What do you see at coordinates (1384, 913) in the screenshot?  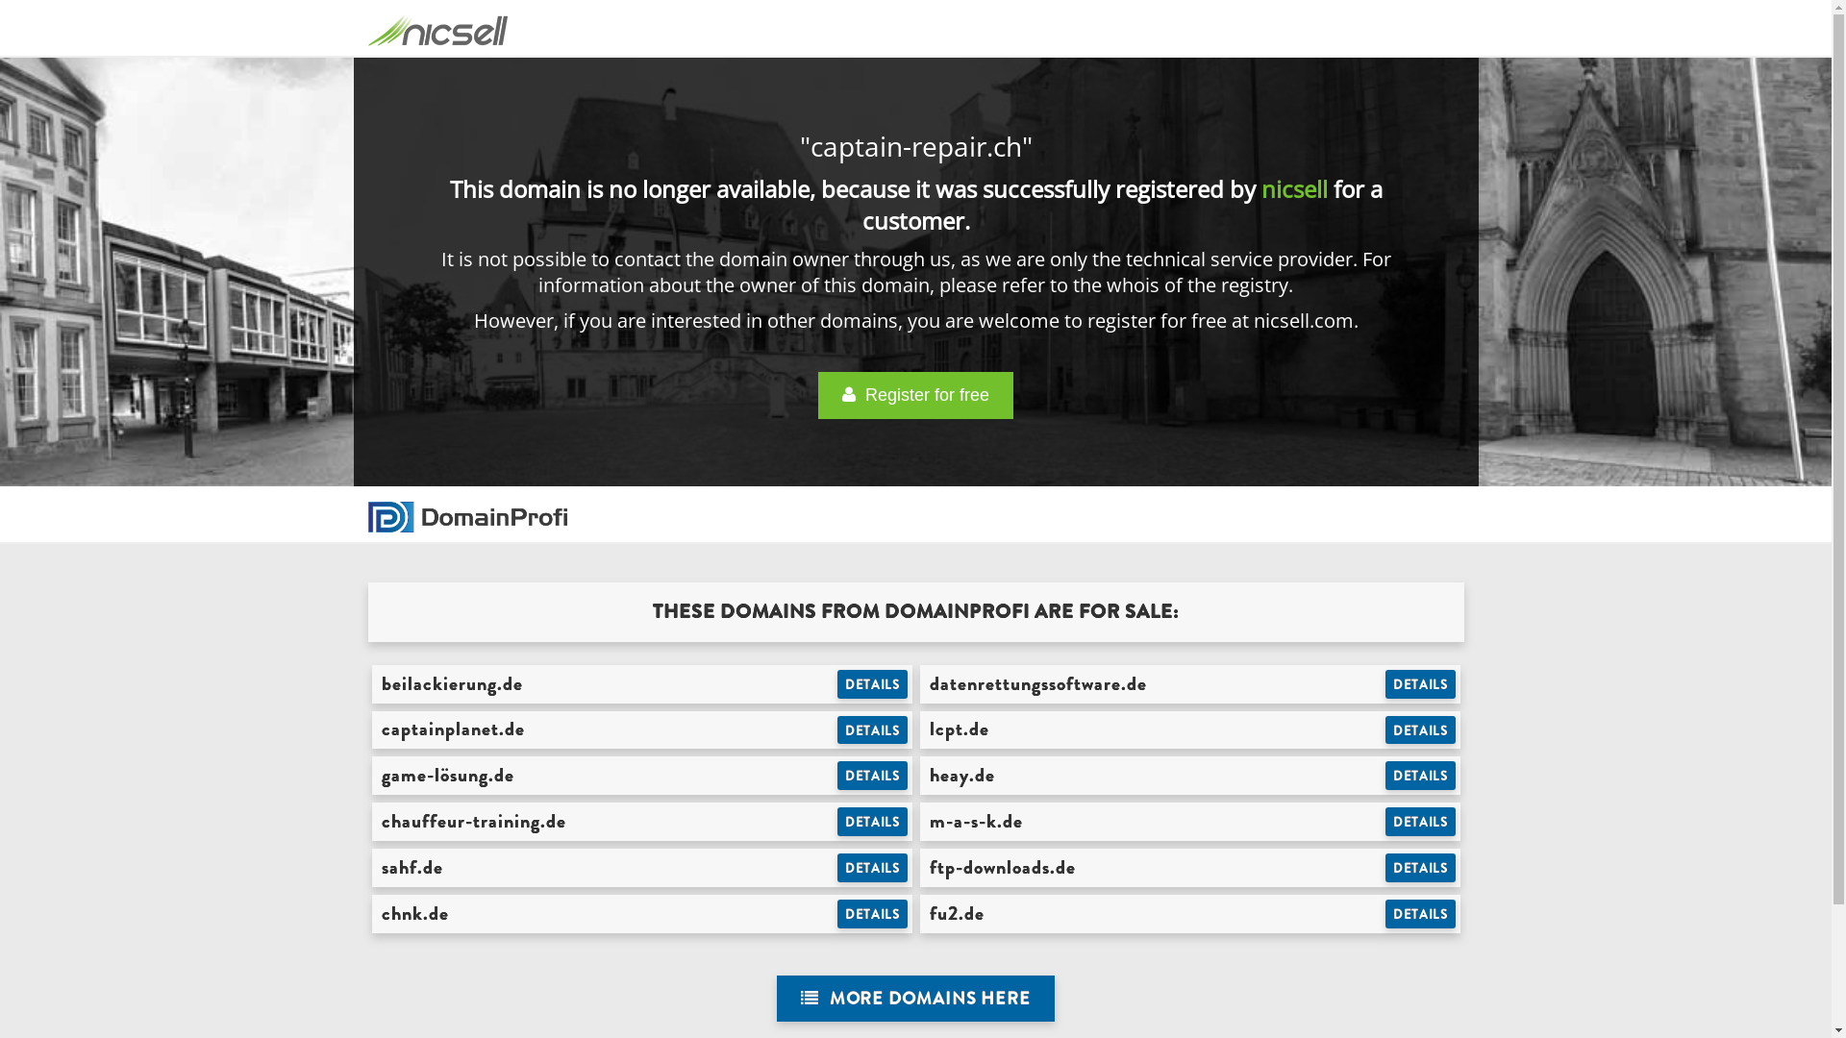 I see `'DETAILS'` at bounding box center [1384, 913].